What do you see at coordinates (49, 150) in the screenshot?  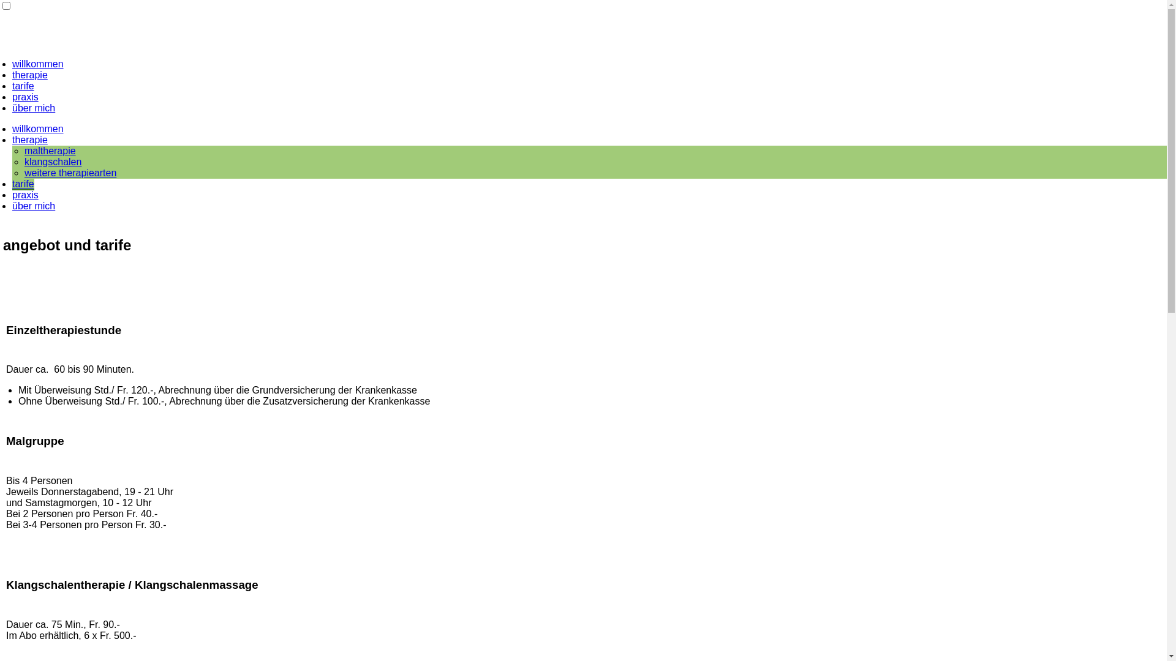 I see `'maltherapie'` at bounding box center [49, 150].